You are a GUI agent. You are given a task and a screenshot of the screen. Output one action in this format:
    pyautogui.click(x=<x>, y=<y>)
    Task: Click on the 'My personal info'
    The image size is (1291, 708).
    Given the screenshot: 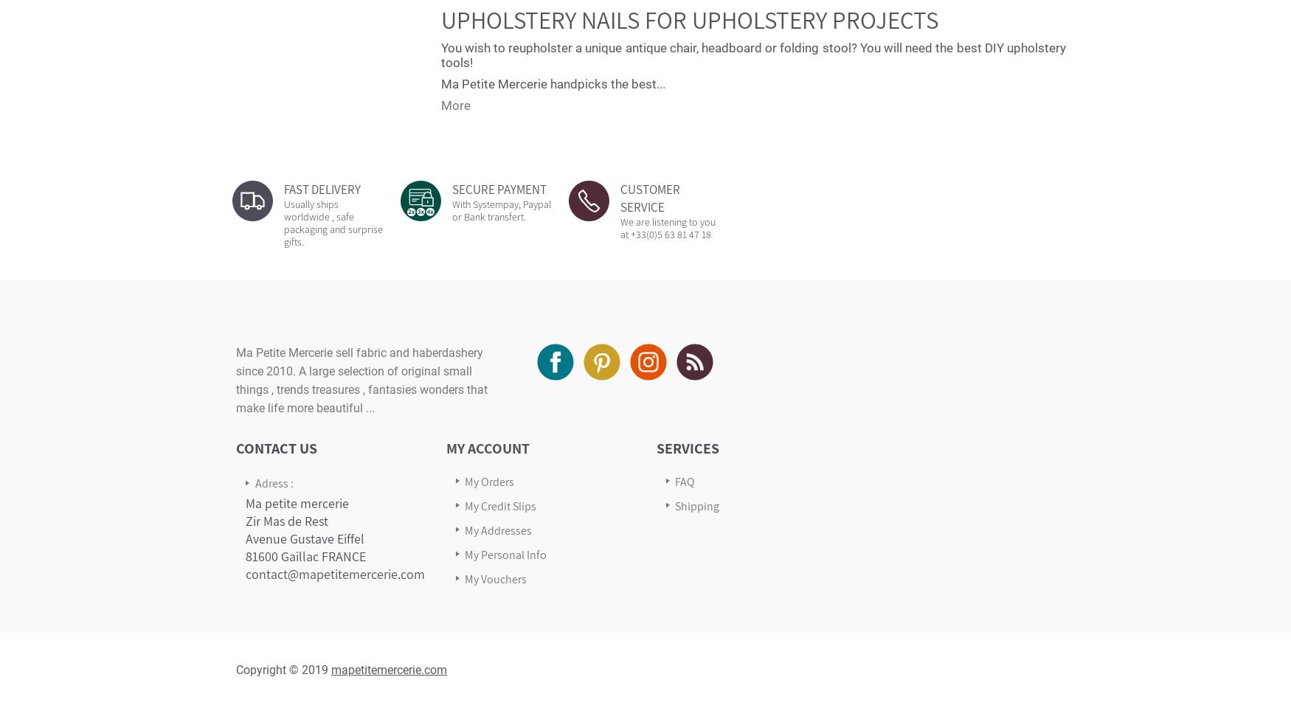 What is the action you would take?
    pyautogui.click(x=505, y=553)
    